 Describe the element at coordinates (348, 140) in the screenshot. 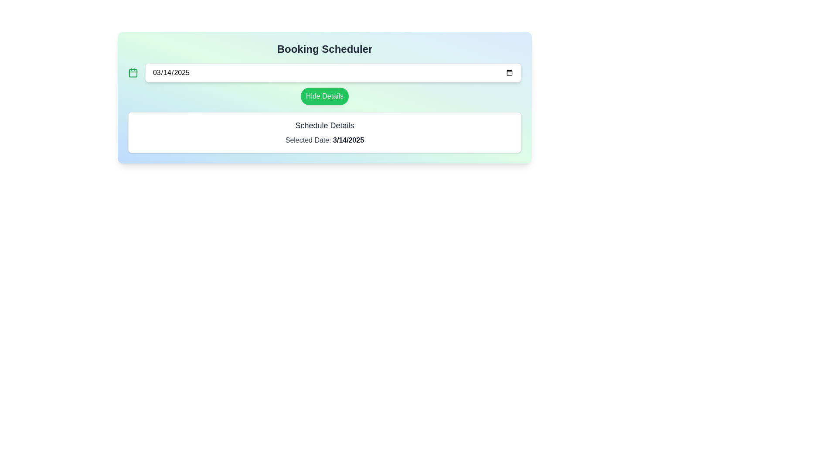

I see `displayed date from the Text Display element located in the 'Schedule Details' section, which shows the current date selection` at that location.